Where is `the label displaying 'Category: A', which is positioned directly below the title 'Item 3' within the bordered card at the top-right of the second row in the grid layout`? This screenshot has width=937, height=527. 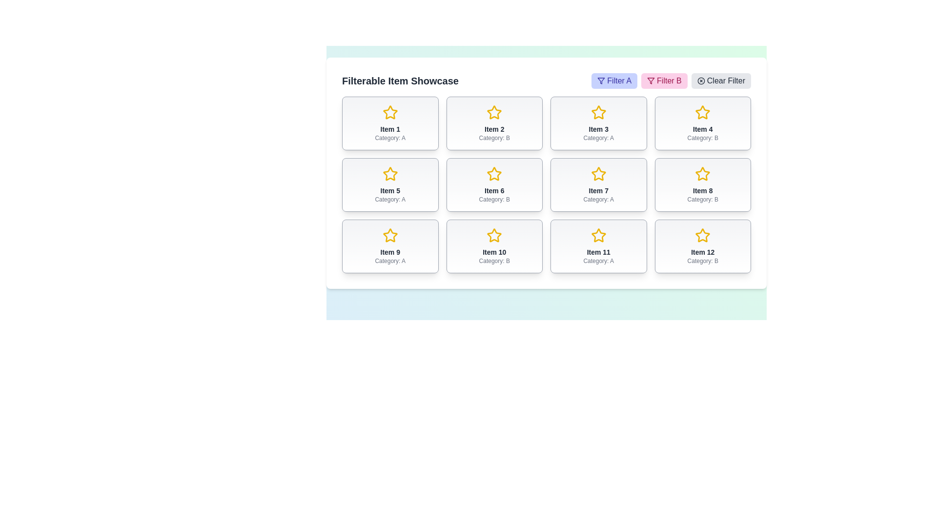
the label displaying 'Category: A', which is positioned directly below the title 'Item 3' within the bordered card at the top-right of the second row in the grid layout is located at coordinates (598, 138).